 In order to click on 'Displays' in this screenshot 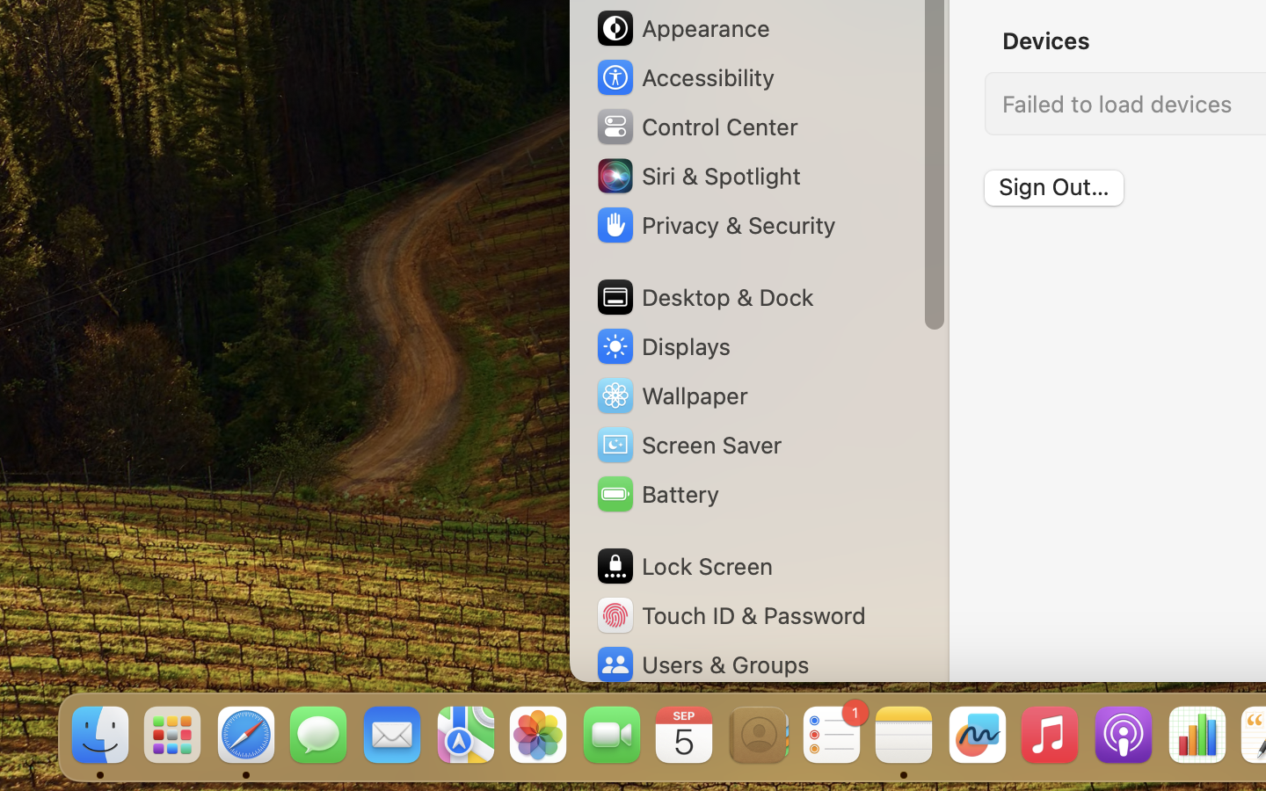, I will do `click(661, 346)`.